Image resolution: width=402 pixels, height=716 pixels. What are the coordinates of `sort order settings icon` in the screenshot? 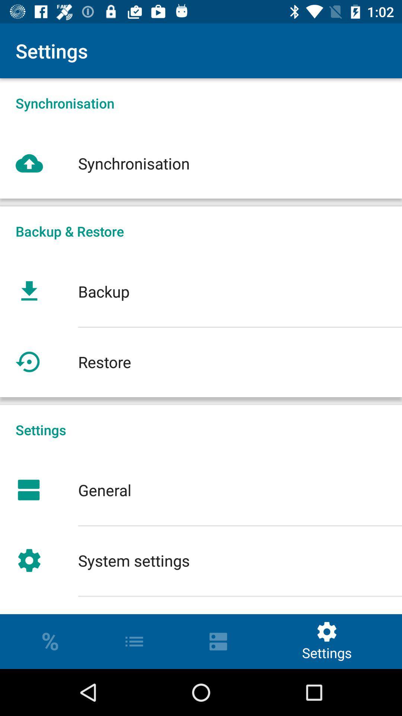 It's located at (201, 605).